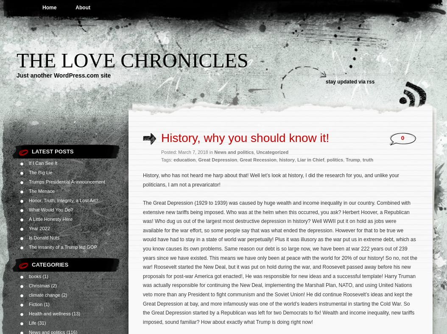  I want to click on 'books', so click(34, 276).